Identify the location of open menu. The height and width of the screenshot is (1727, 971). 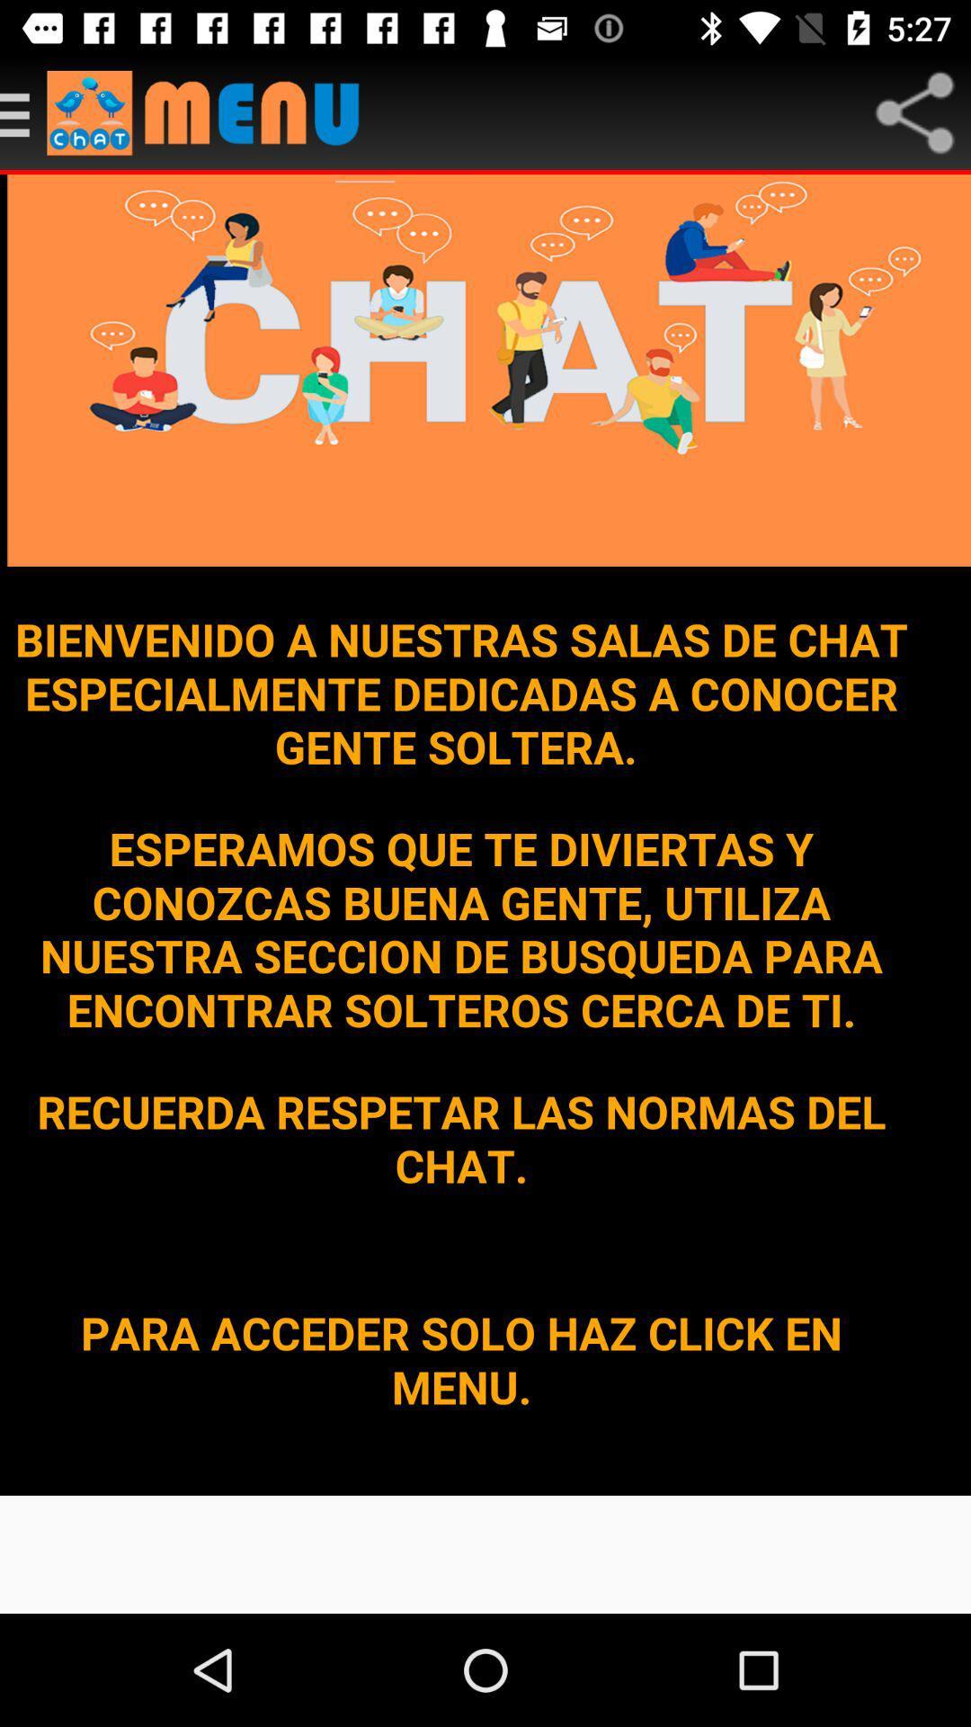
(211, 112).